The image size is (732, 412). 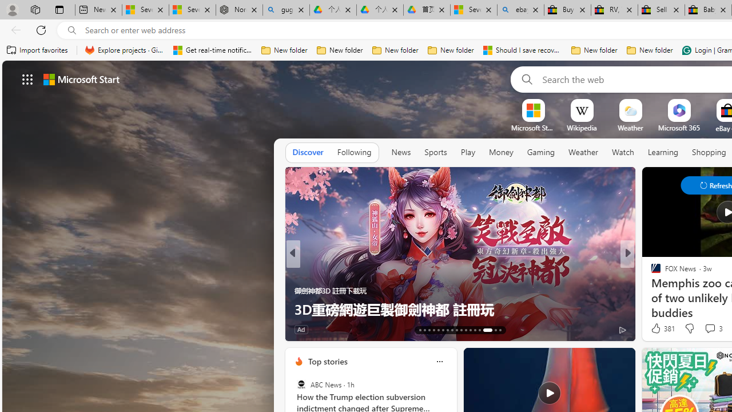 I want to click on 'Microsoft 365', so click(x=679, y=128).